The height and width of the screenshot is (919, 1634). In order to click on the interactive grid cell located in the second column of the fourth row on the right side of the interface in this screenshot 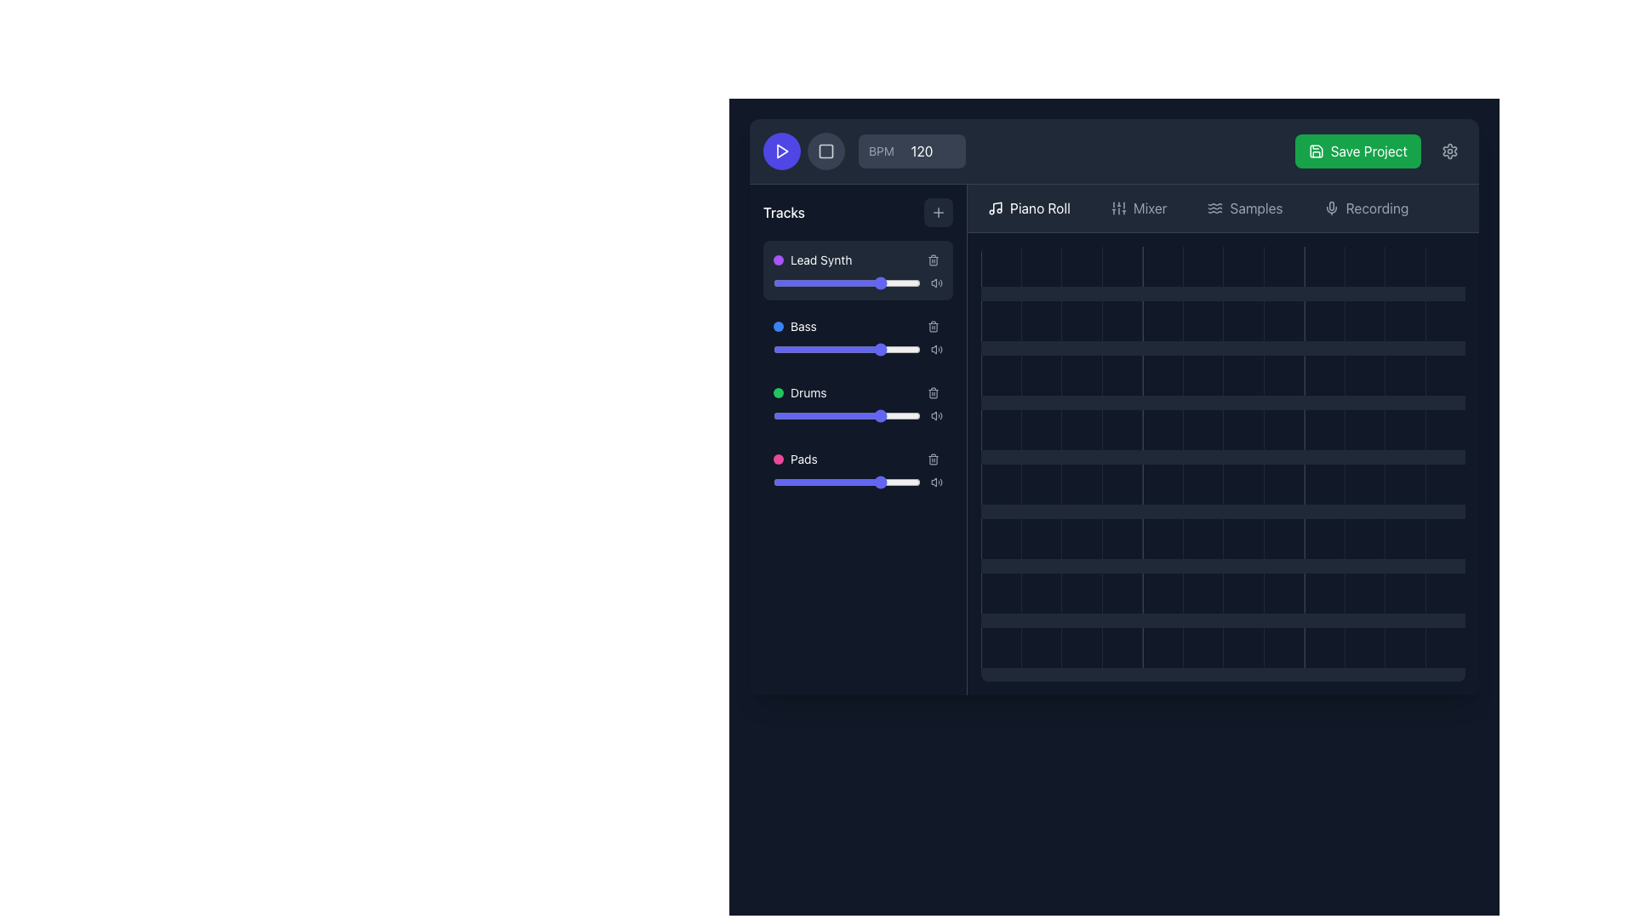, I will do `click(1040, 374)`.